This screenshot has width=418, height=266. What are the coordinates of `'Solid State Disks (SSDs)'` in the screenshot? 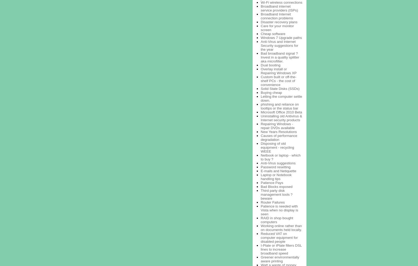 It's located at (280, 88).